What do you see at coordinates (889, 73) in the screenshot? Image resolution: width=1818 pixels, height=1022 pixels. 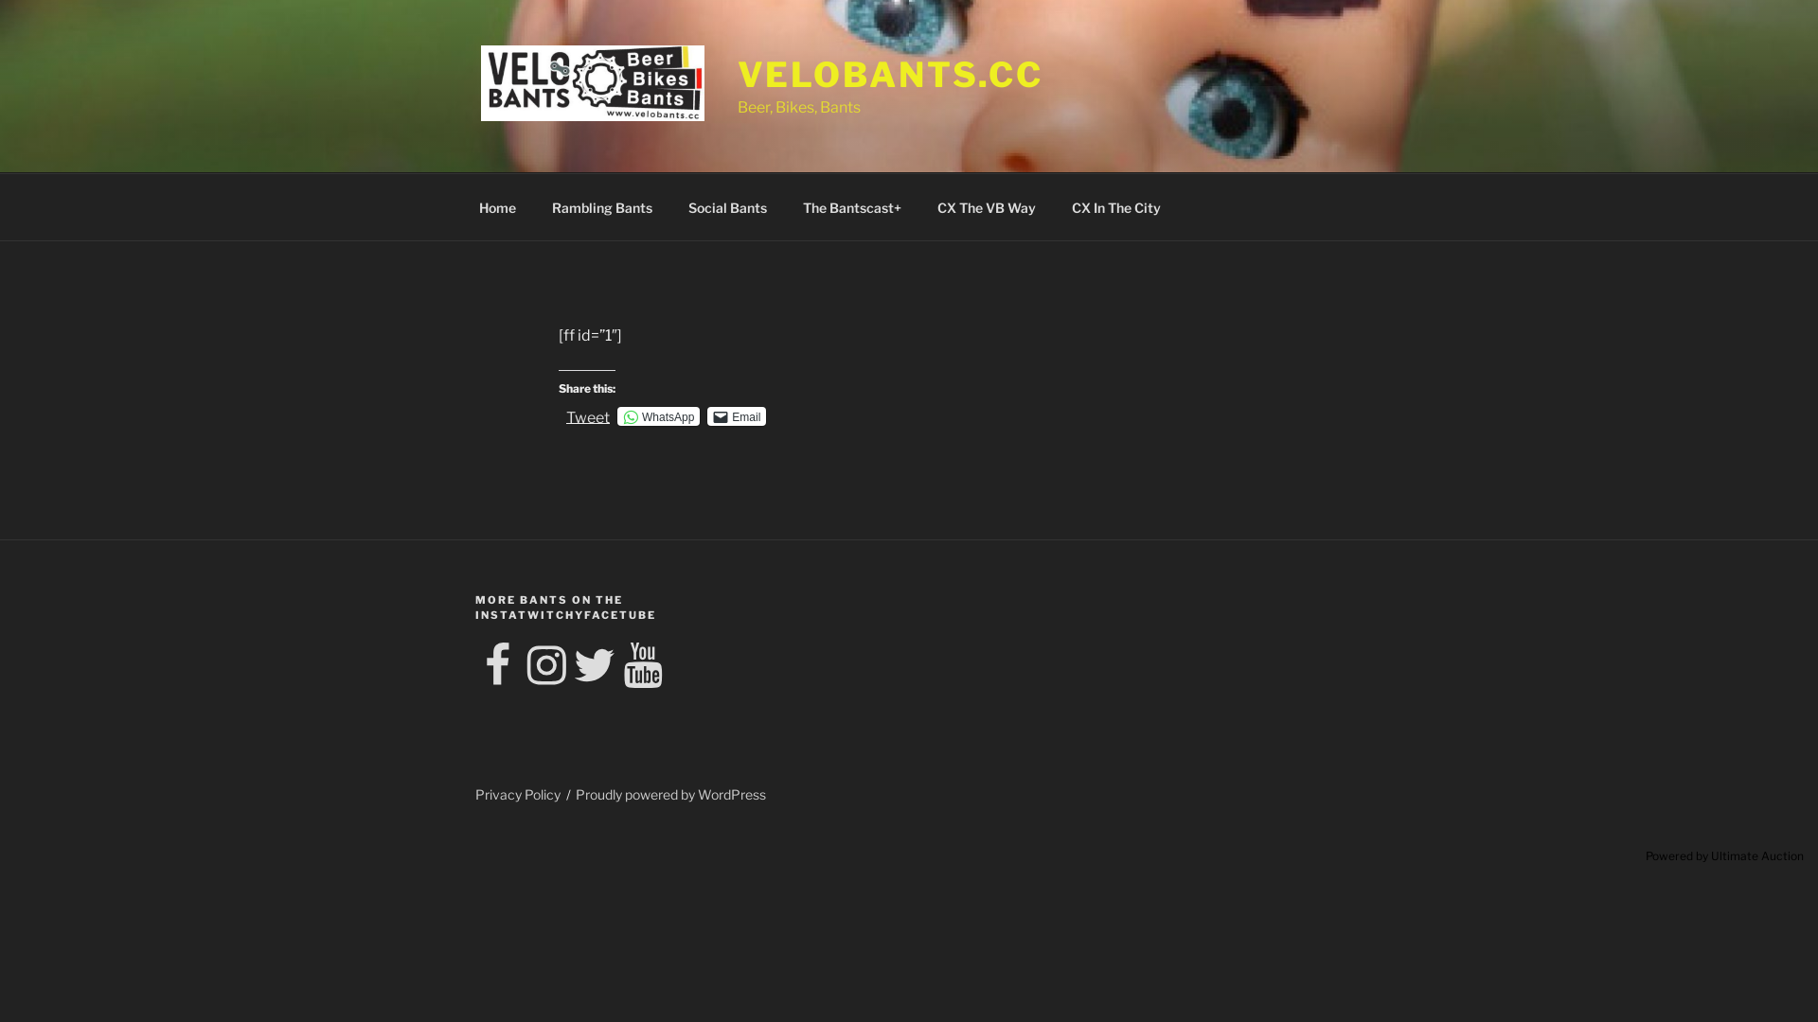 I see `'VELOBANTS.CC'` at bounding box center [889, 73].